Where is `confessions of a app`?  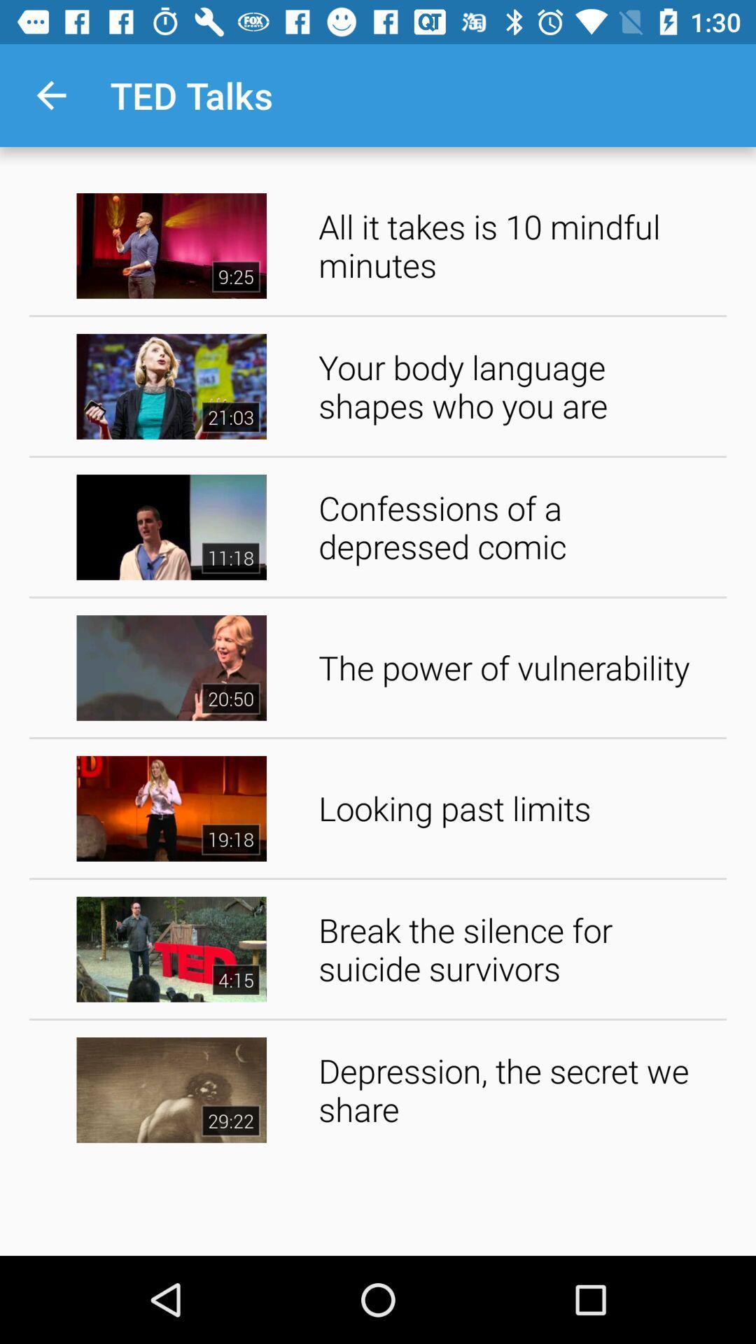
confessions of a app is located at coordinates (517, 526).